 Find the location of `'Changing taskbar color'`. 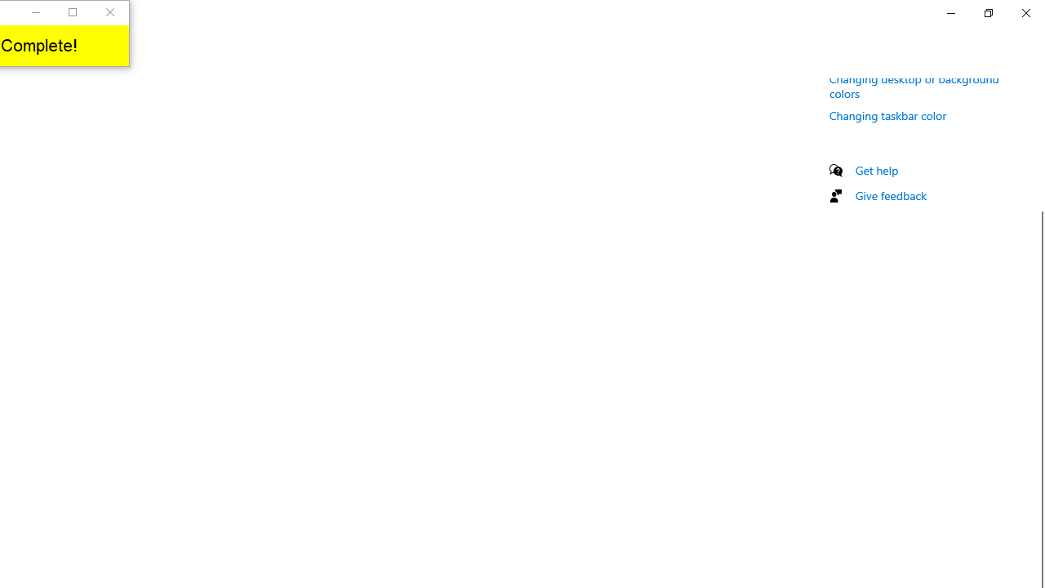

'Changing taskbar color' is located at coordinates (887, 114).